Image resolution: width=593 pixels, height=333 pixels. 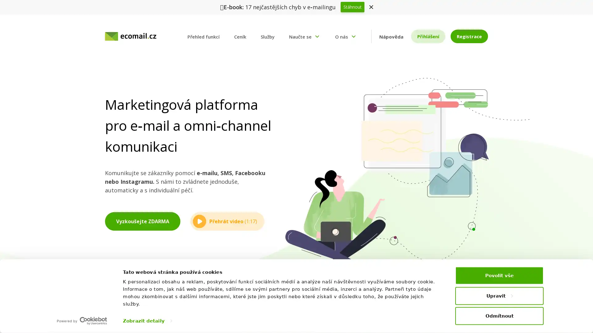 What do you see at coordinates (499, 275) in the screenshot?
I see `Povolit vse` at bounding box center [499, 275].